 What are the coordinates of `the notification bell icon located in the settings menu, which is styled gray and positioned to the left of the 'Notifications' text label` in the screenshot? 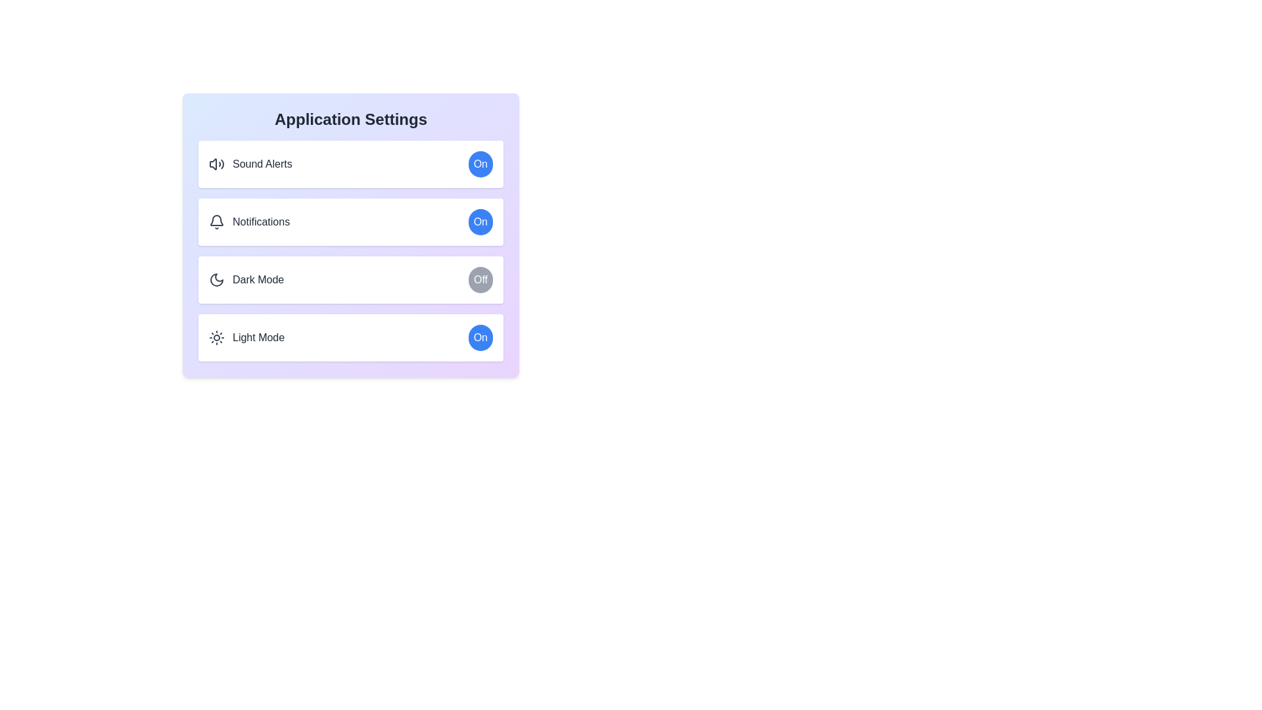 It's located at (217, 222).